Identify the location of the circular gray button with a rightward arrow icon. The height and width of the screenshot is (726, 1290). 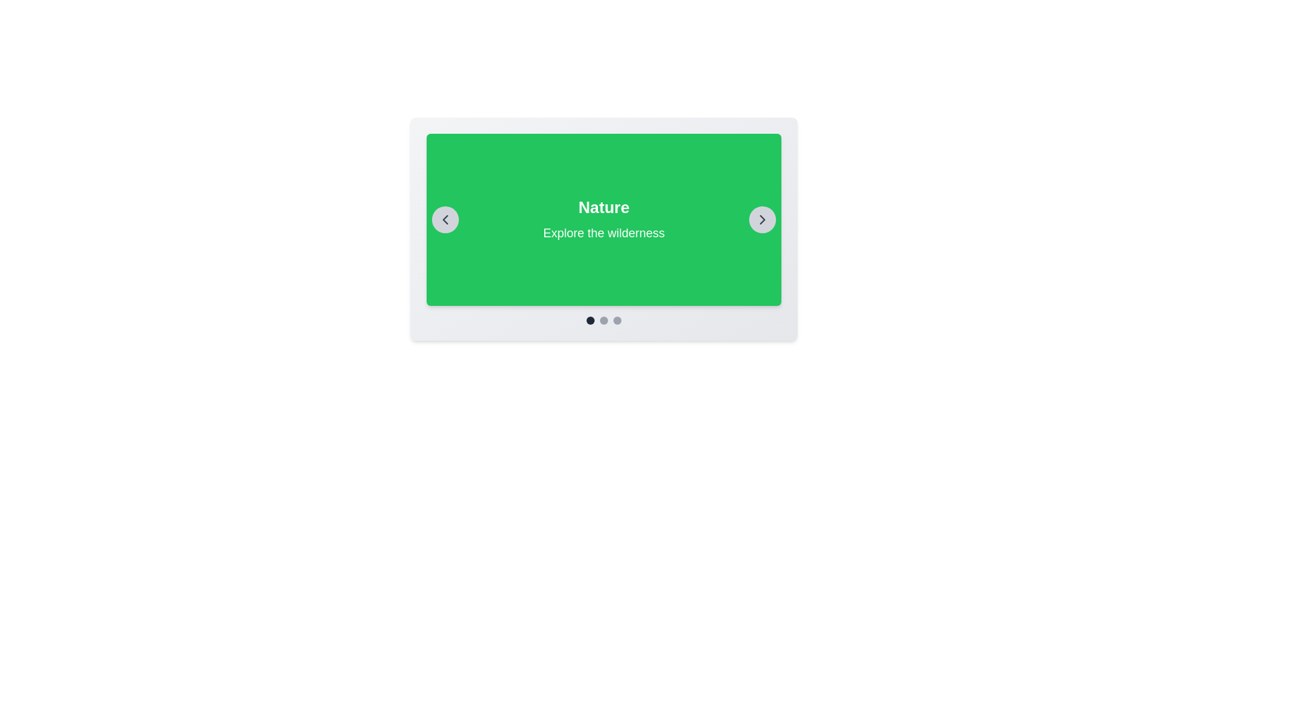
(762, 219).